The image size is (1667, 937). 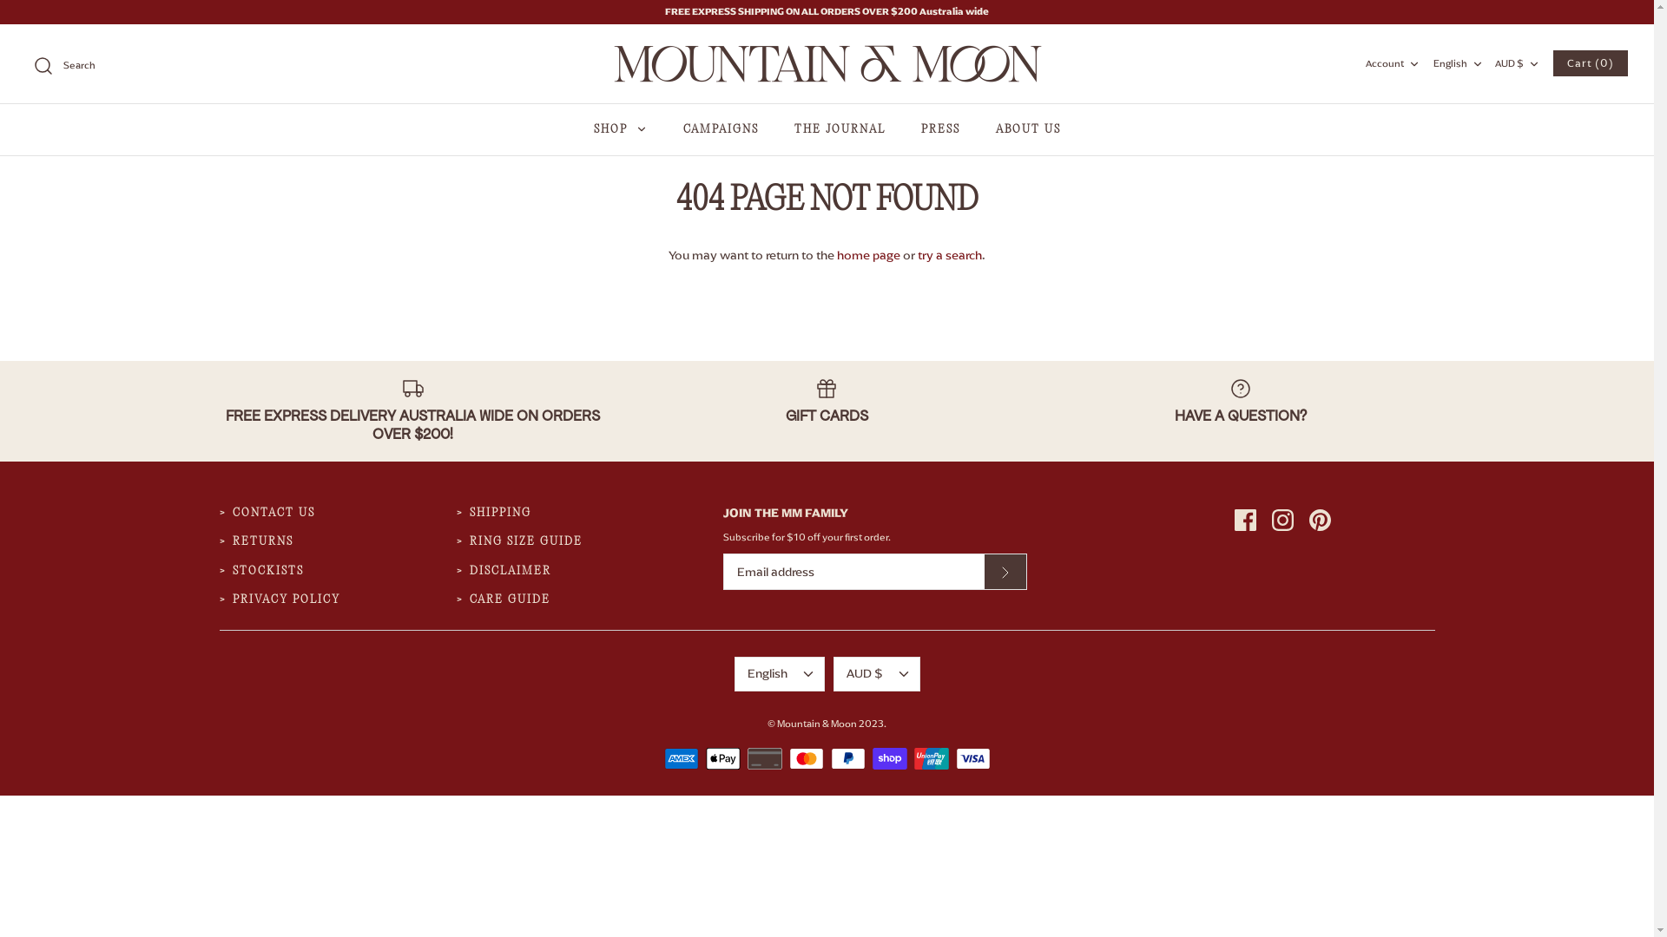 What do you see at coordinates (232, 572) in the screenshot?
I see `'STOCKISTS'` at bounding box center [232, 572].